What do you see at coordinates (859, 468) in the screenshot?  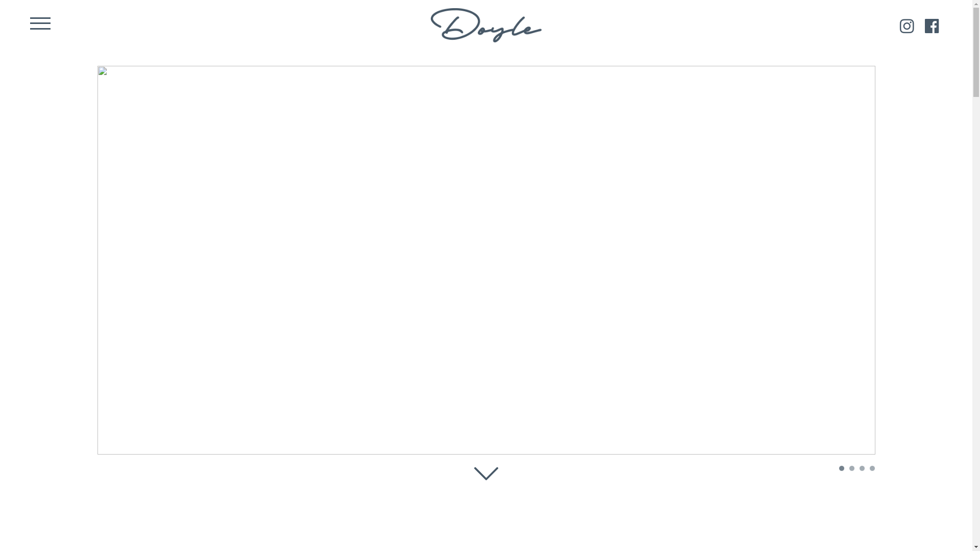 I see `'3'` at bounding box center [859, 468].